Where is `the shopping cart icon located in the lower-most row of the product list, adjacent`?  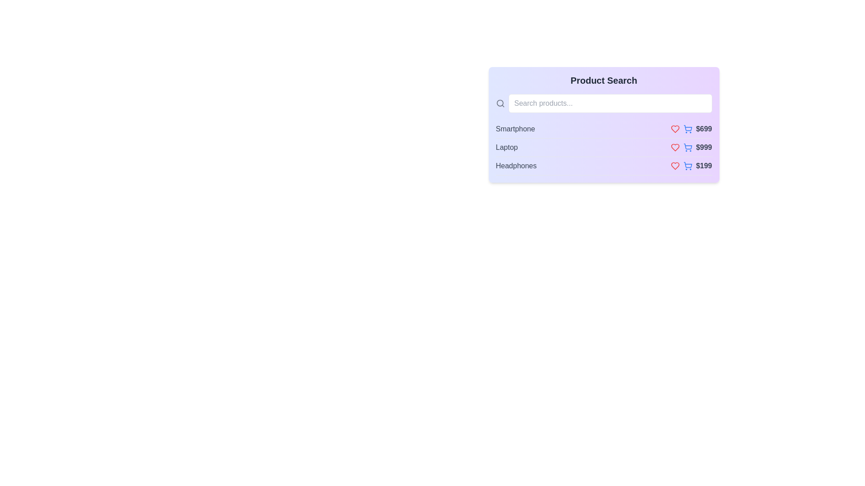
the shopping cart icon located in the lower-most row of the product list, adjacent is located at coordinates (687, 165).